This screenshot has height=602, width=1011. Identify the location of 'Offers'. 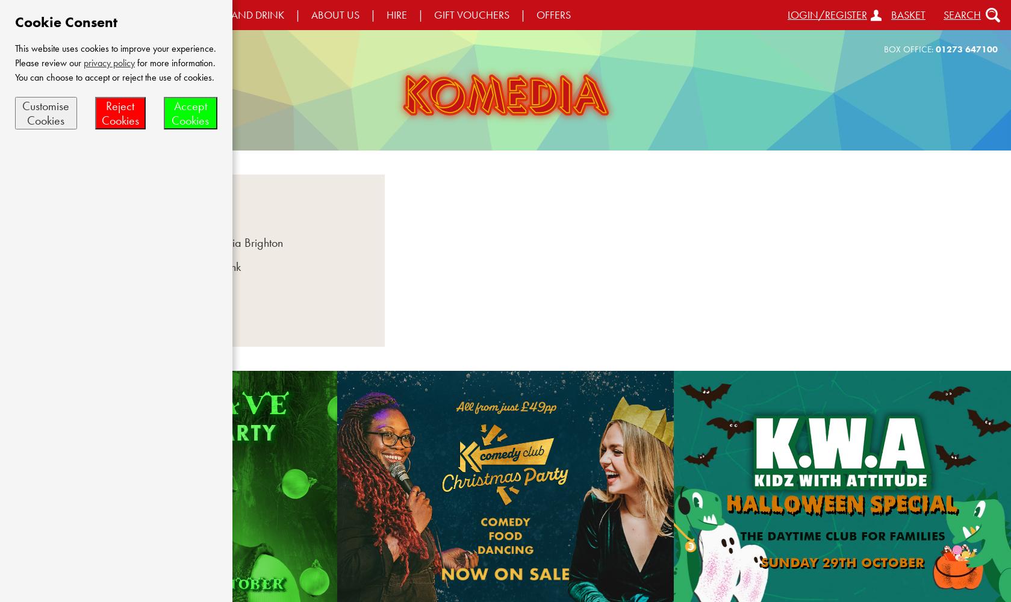
(168, 218).